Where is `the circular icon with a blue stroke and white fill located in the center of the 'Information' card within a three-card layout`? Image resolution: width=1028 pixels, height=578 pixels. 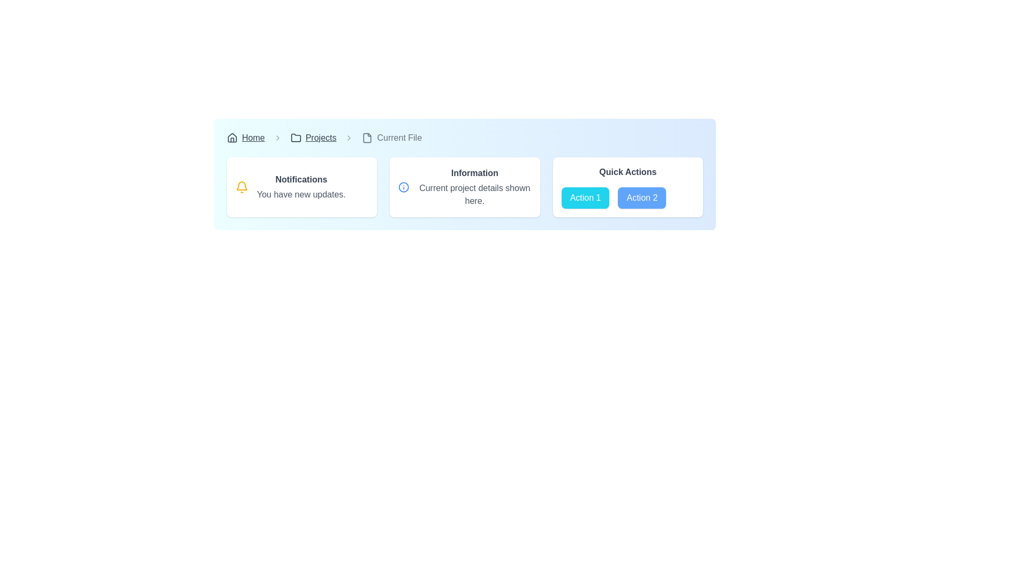 the circular icon with a blue stroke and white fill located in the center of the 'Information' card within a three-card layout is located at coordinates (403, 187).